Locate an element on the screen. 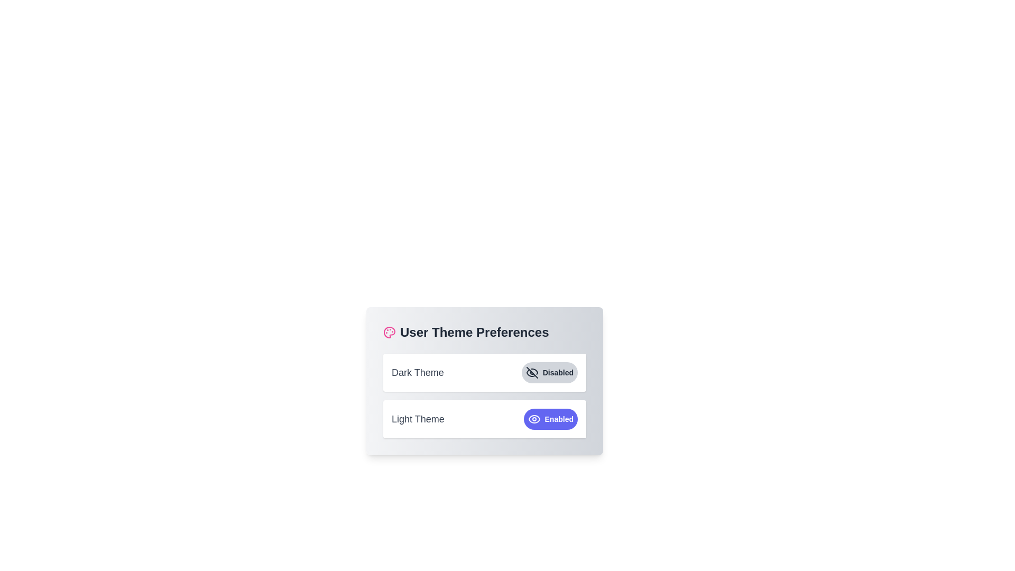  the icon for Light theme to explore its functionality is located at coordinates (533, 419).